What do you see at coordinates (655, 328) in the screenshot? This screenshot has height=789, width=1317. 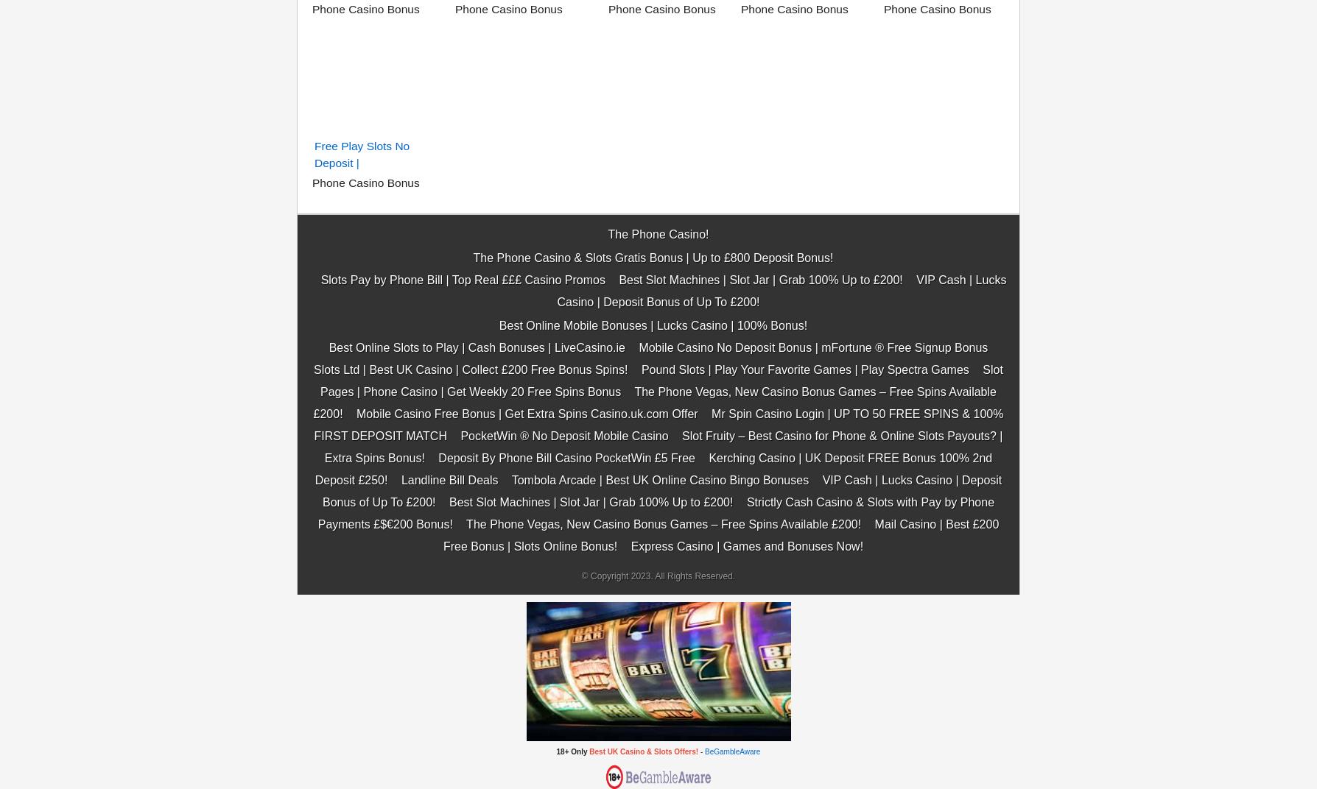 I see `'Strictly Cash Casino & Slots with Pay by Phone Payments £$€200 Bonus!'` at bounding box center [655, 328].